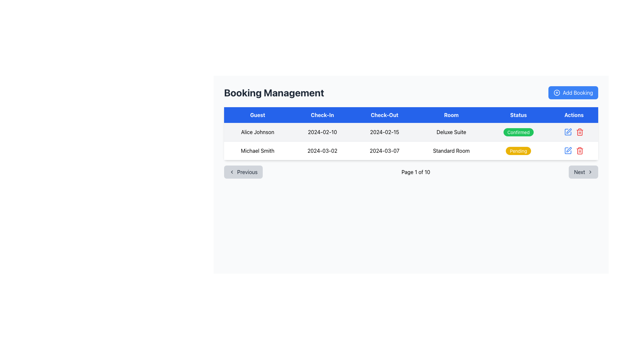 This screenshot has height=354, width=629. Describe the element at coordinates (384, 132) in the screenshot. I see `the check-out date text '2024-02-15' located in the 'Check-Out' column of the first data row within the table` at that location.